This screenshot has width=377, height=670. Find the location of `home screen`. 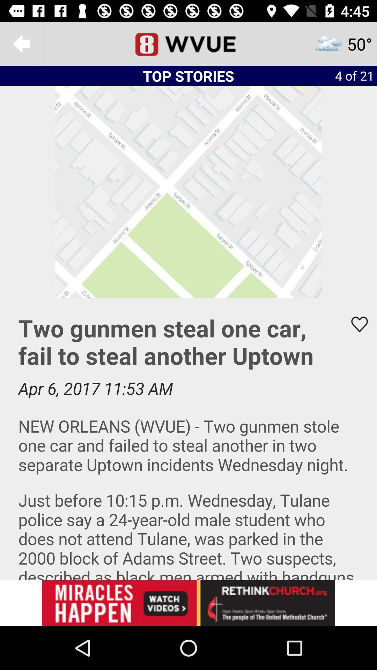

home screen is located at coordinates (188, 43).